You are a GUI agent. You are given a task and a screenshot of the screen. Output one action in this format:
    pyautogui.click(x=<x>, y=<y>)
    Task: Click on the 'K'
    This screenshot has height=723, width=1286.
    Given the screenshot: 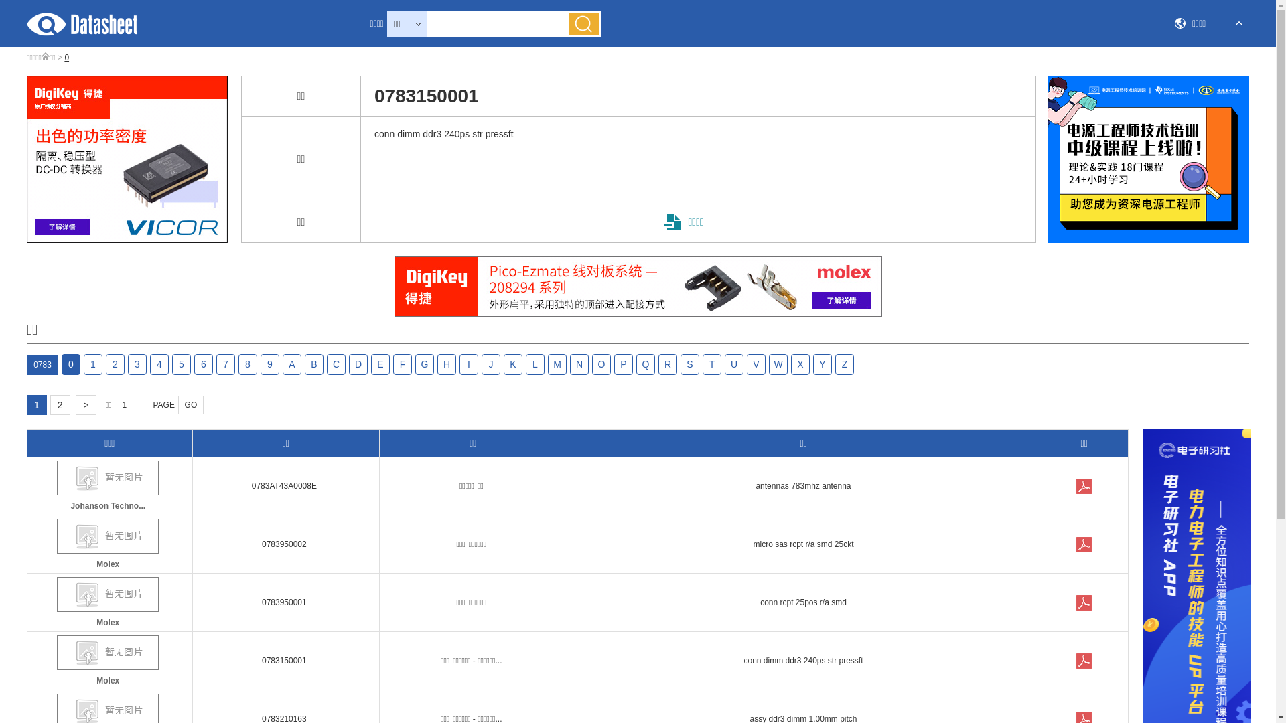 What is the action you would take?
    pyautogui.click(x=503, y=364)
    